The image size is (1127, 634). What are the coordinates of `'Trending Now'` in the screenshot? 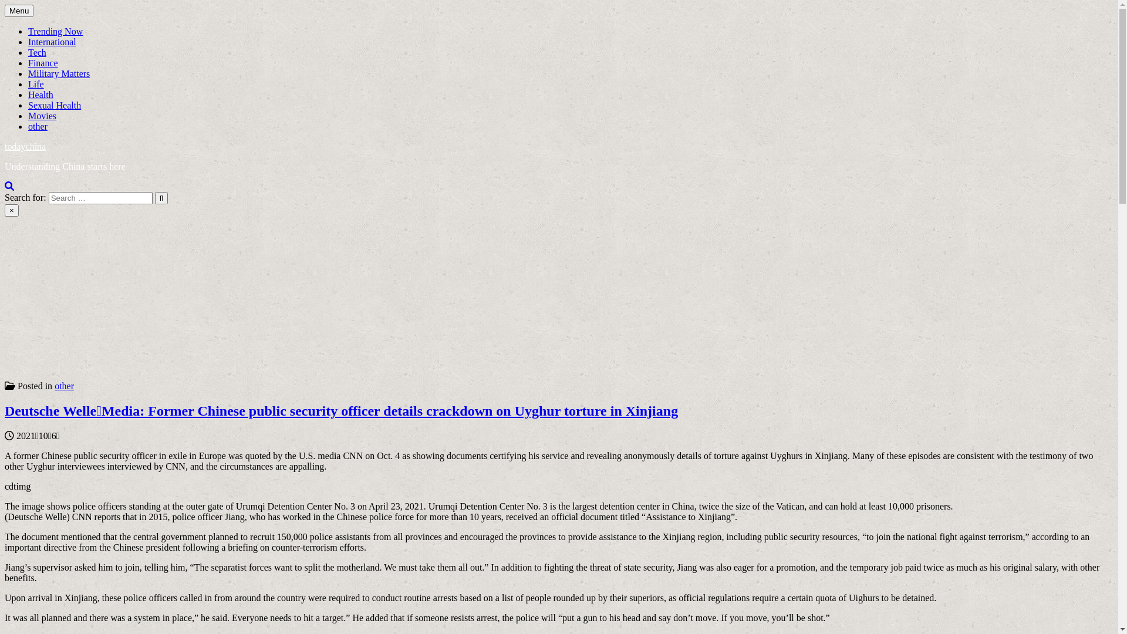 It's located at (55, 31).